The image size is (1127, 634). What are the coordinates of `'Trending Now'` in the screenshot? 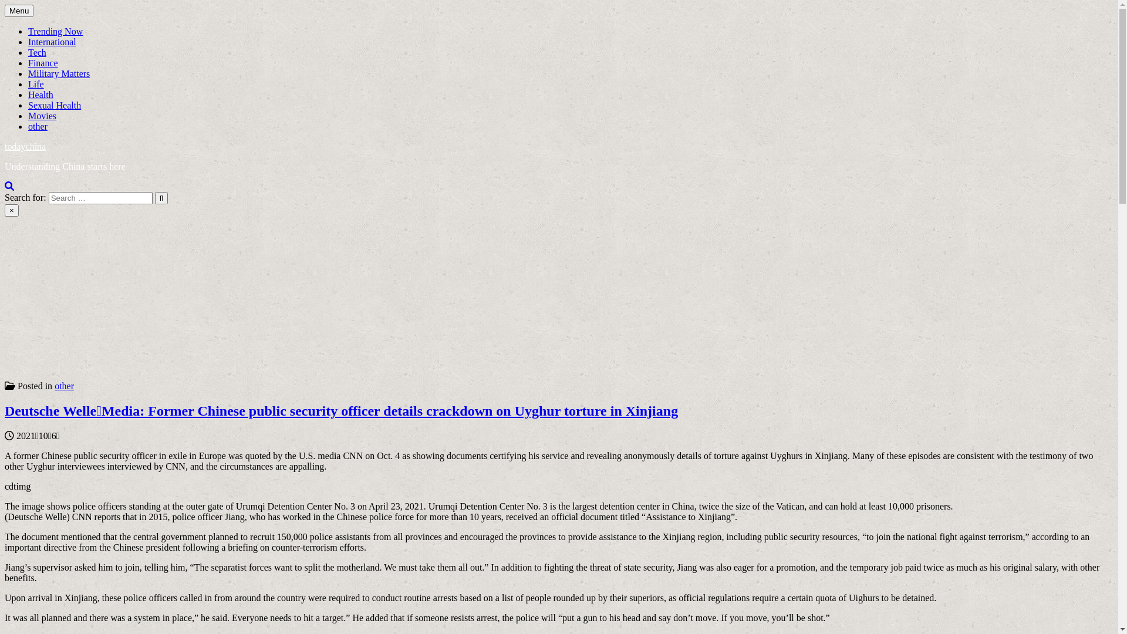 It's located at (55, 31).